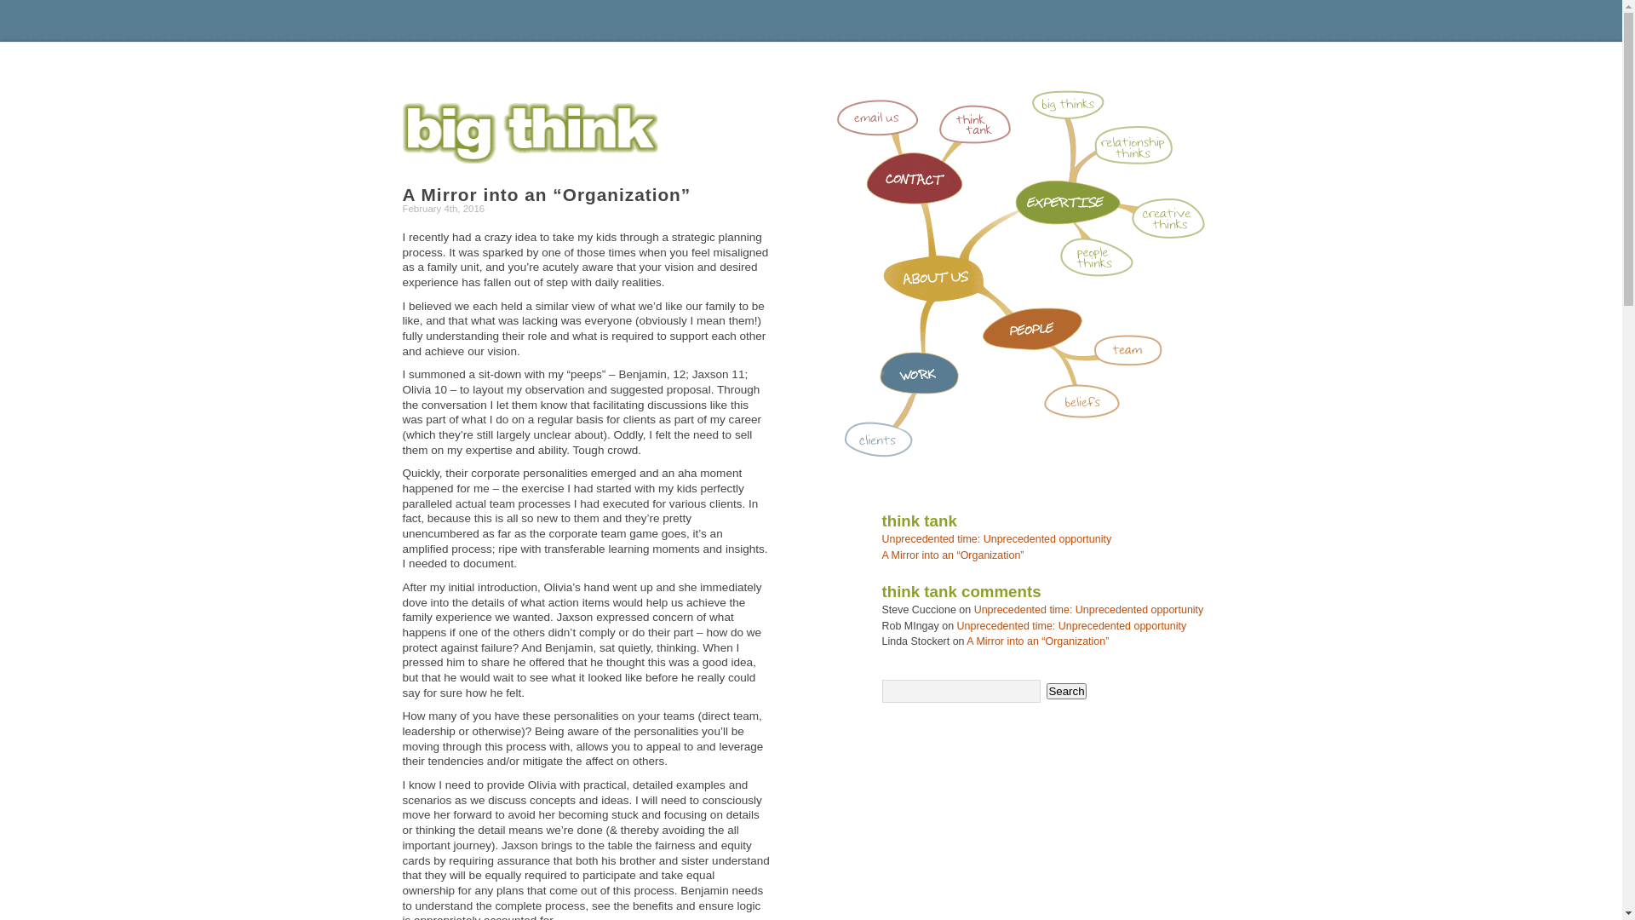 The width and height of the screenshot is (1635, 920). What do you see at coordinates (956, 626) in the screenshot?
I see `'Unprecedented time: Unprecedented opportunity'` at bounding box center [956, 626].